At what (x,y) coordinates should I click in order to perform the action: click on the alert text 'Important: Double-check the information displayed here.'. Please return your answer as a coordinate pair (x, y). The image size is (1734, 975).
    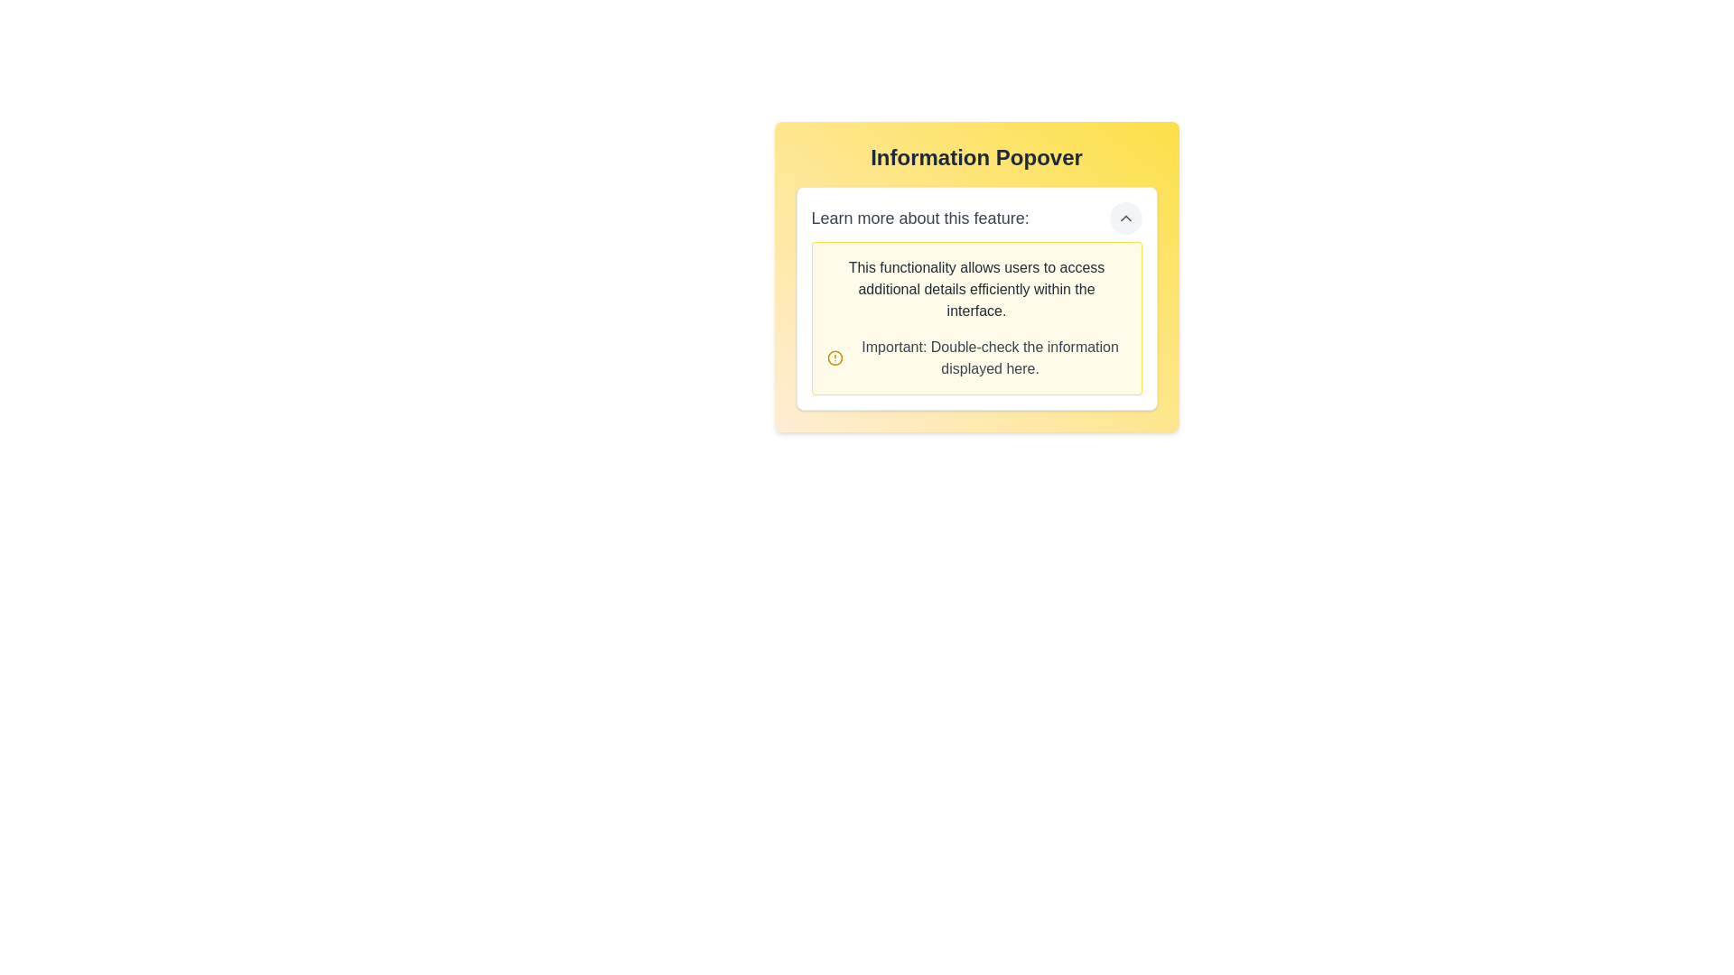
    Looking at the image, I should click on (975, 358).